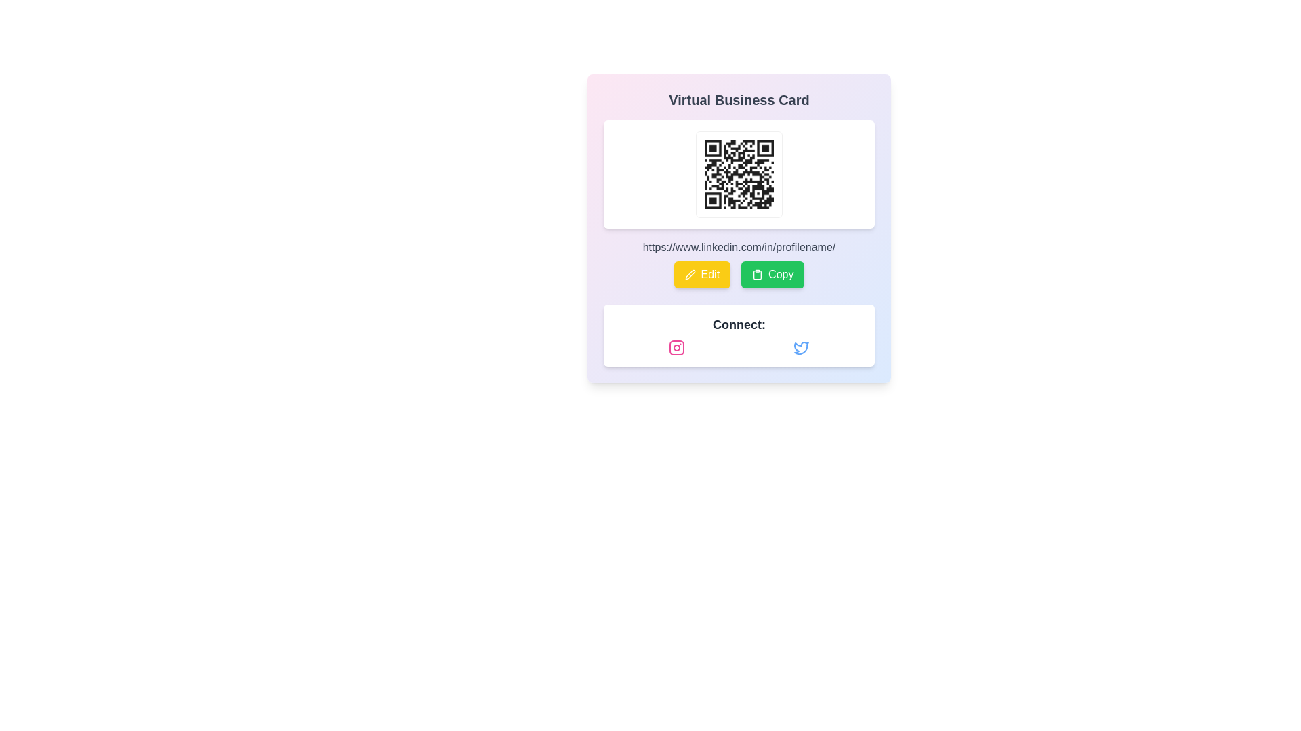  What do you see at coordinates (676, 347) in the screenshot?
I see `the main outer square with rounded corners of the Instagram logo located in the 'Connect:' section of the interface` at bounding box center [676, 347].